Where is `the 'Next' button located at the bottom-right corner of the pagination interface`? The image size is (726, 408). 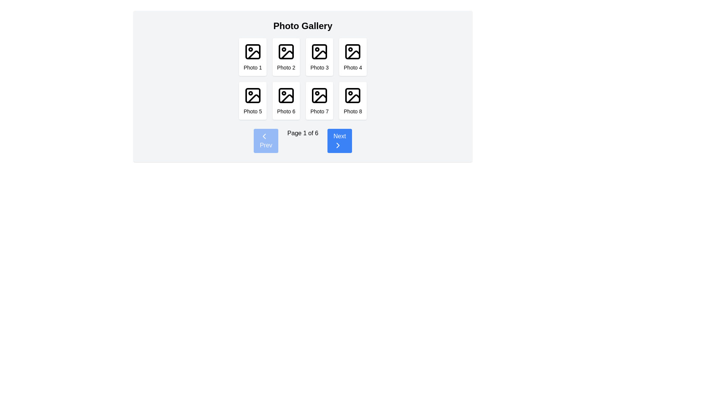
the 'Next' button located at the bottom-right corner of the pagination interface is located at coordinates (339, 141).